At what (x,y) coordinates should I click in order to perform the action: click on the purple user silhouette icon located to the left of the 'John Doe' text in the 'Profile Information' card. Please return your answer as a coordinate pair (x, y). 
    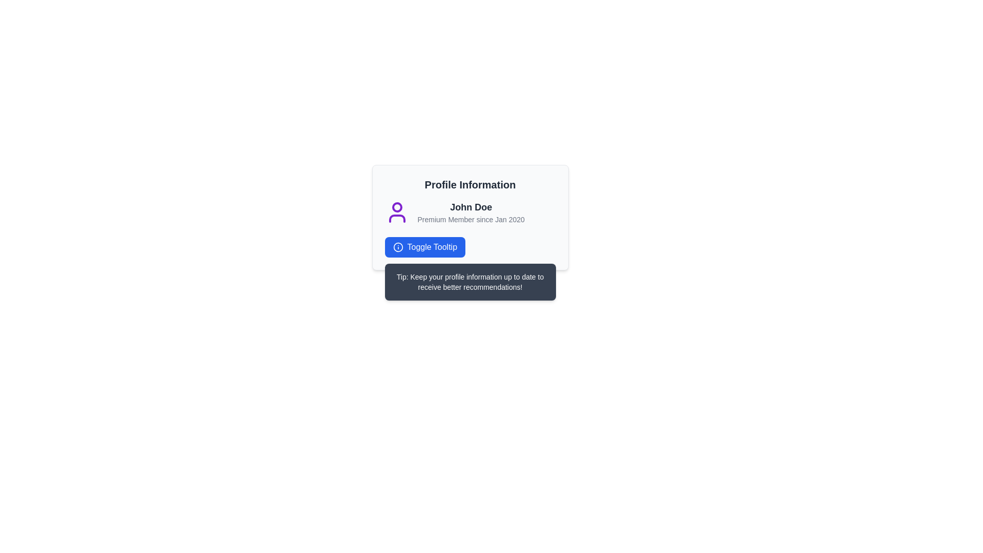
    Looking at the image, I should click on (396, 212).